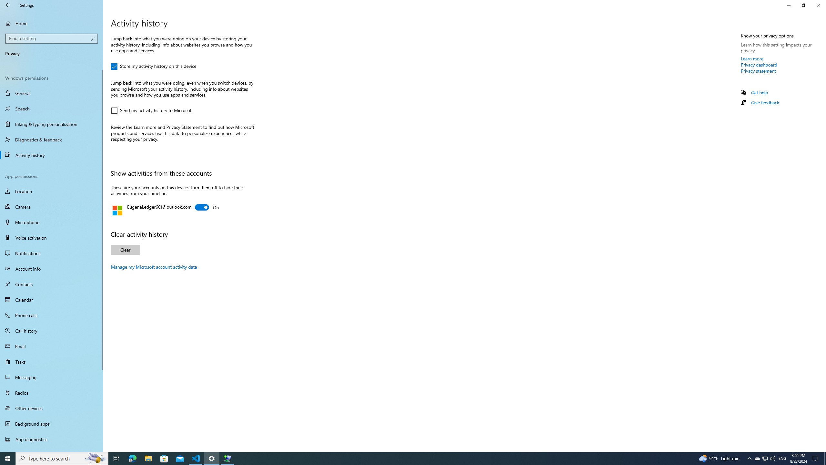 The width and height of the screenshot is (826, 465). I want to click on 'Privacy statement', so click(758, 70).